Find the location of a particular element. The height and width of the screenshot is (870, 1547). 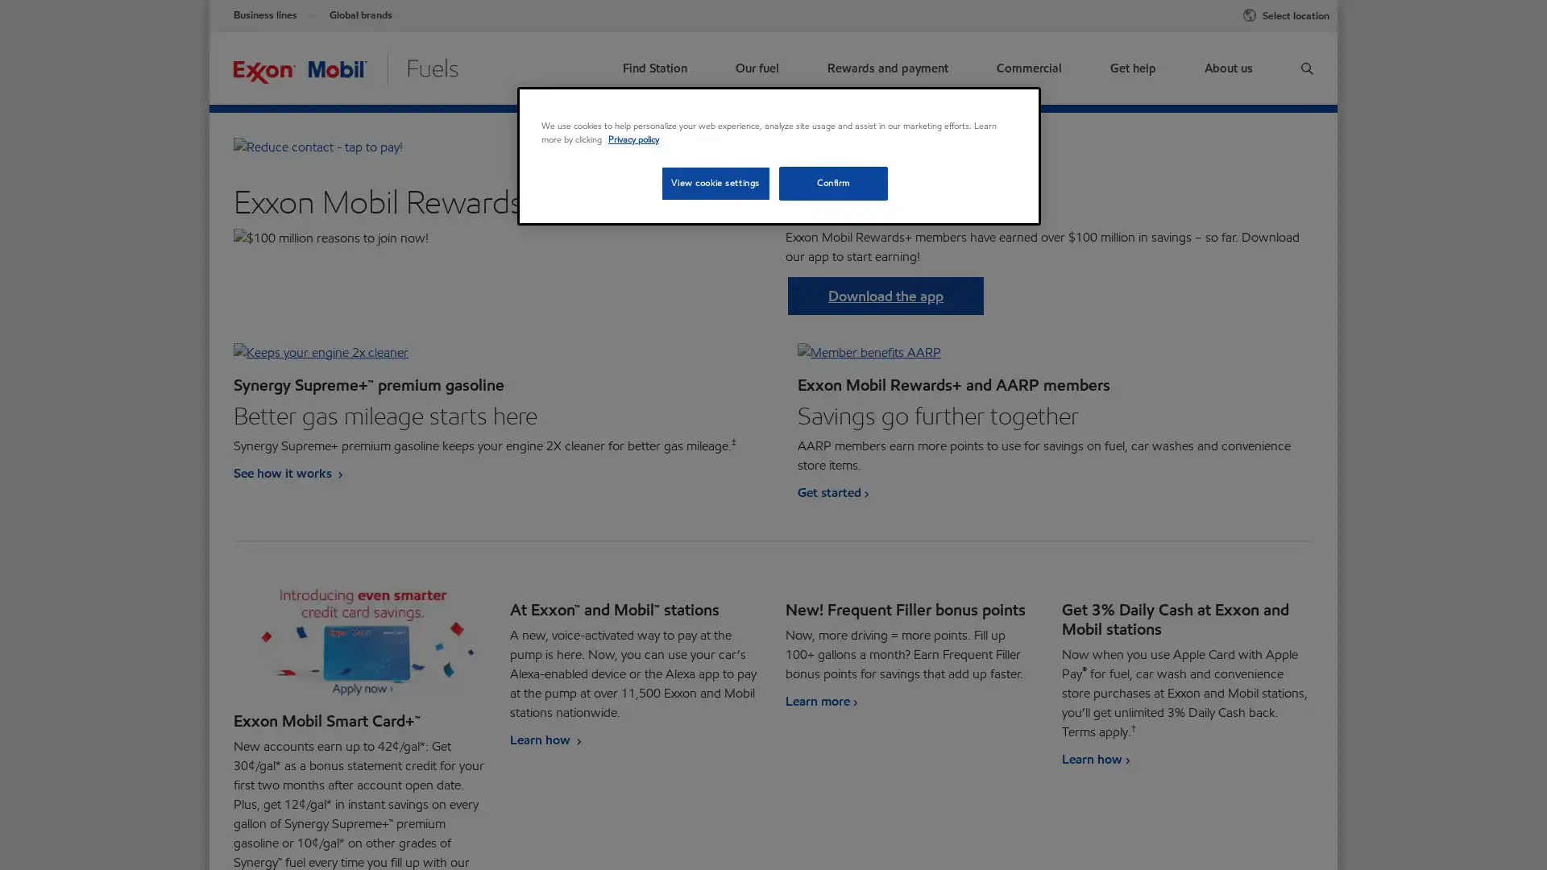

View cookie settings is located at coordinates (714, 182).